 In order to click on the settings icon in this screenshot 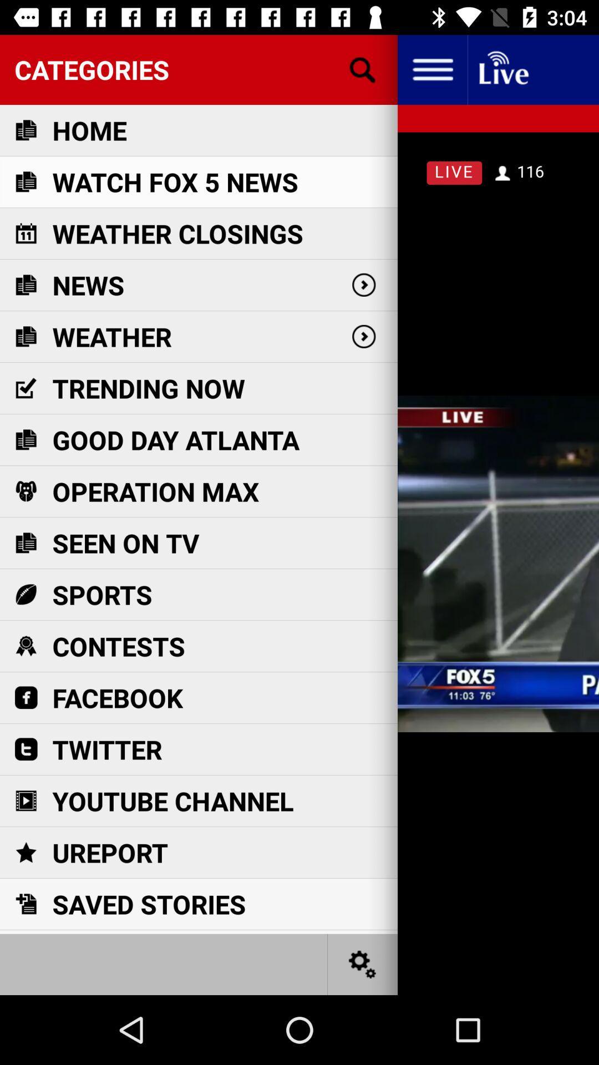, I will do `click(363, 963)`.